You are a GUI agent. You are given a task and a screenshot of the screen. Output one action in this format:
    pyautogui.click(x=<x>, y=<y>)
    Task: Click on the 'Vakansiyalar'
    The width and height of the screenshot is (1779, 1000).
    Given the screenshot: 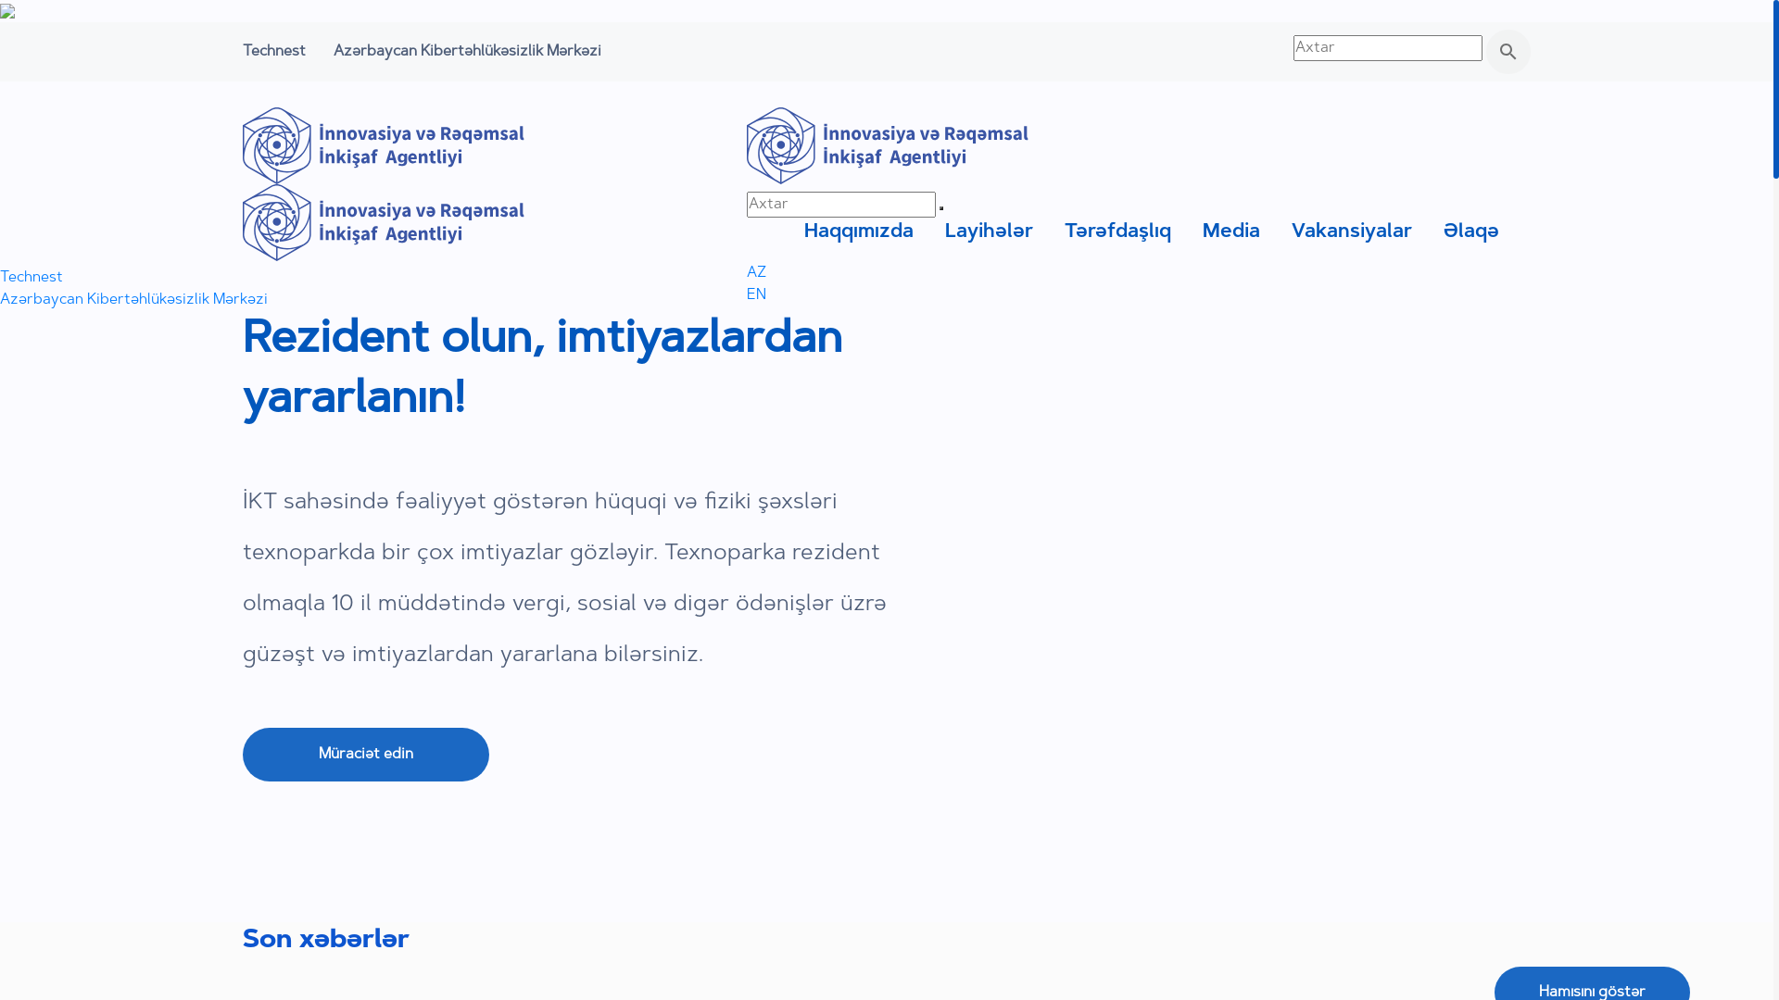 What is the action you would take?
    pyautogui.click(x=1290, y=231)
    